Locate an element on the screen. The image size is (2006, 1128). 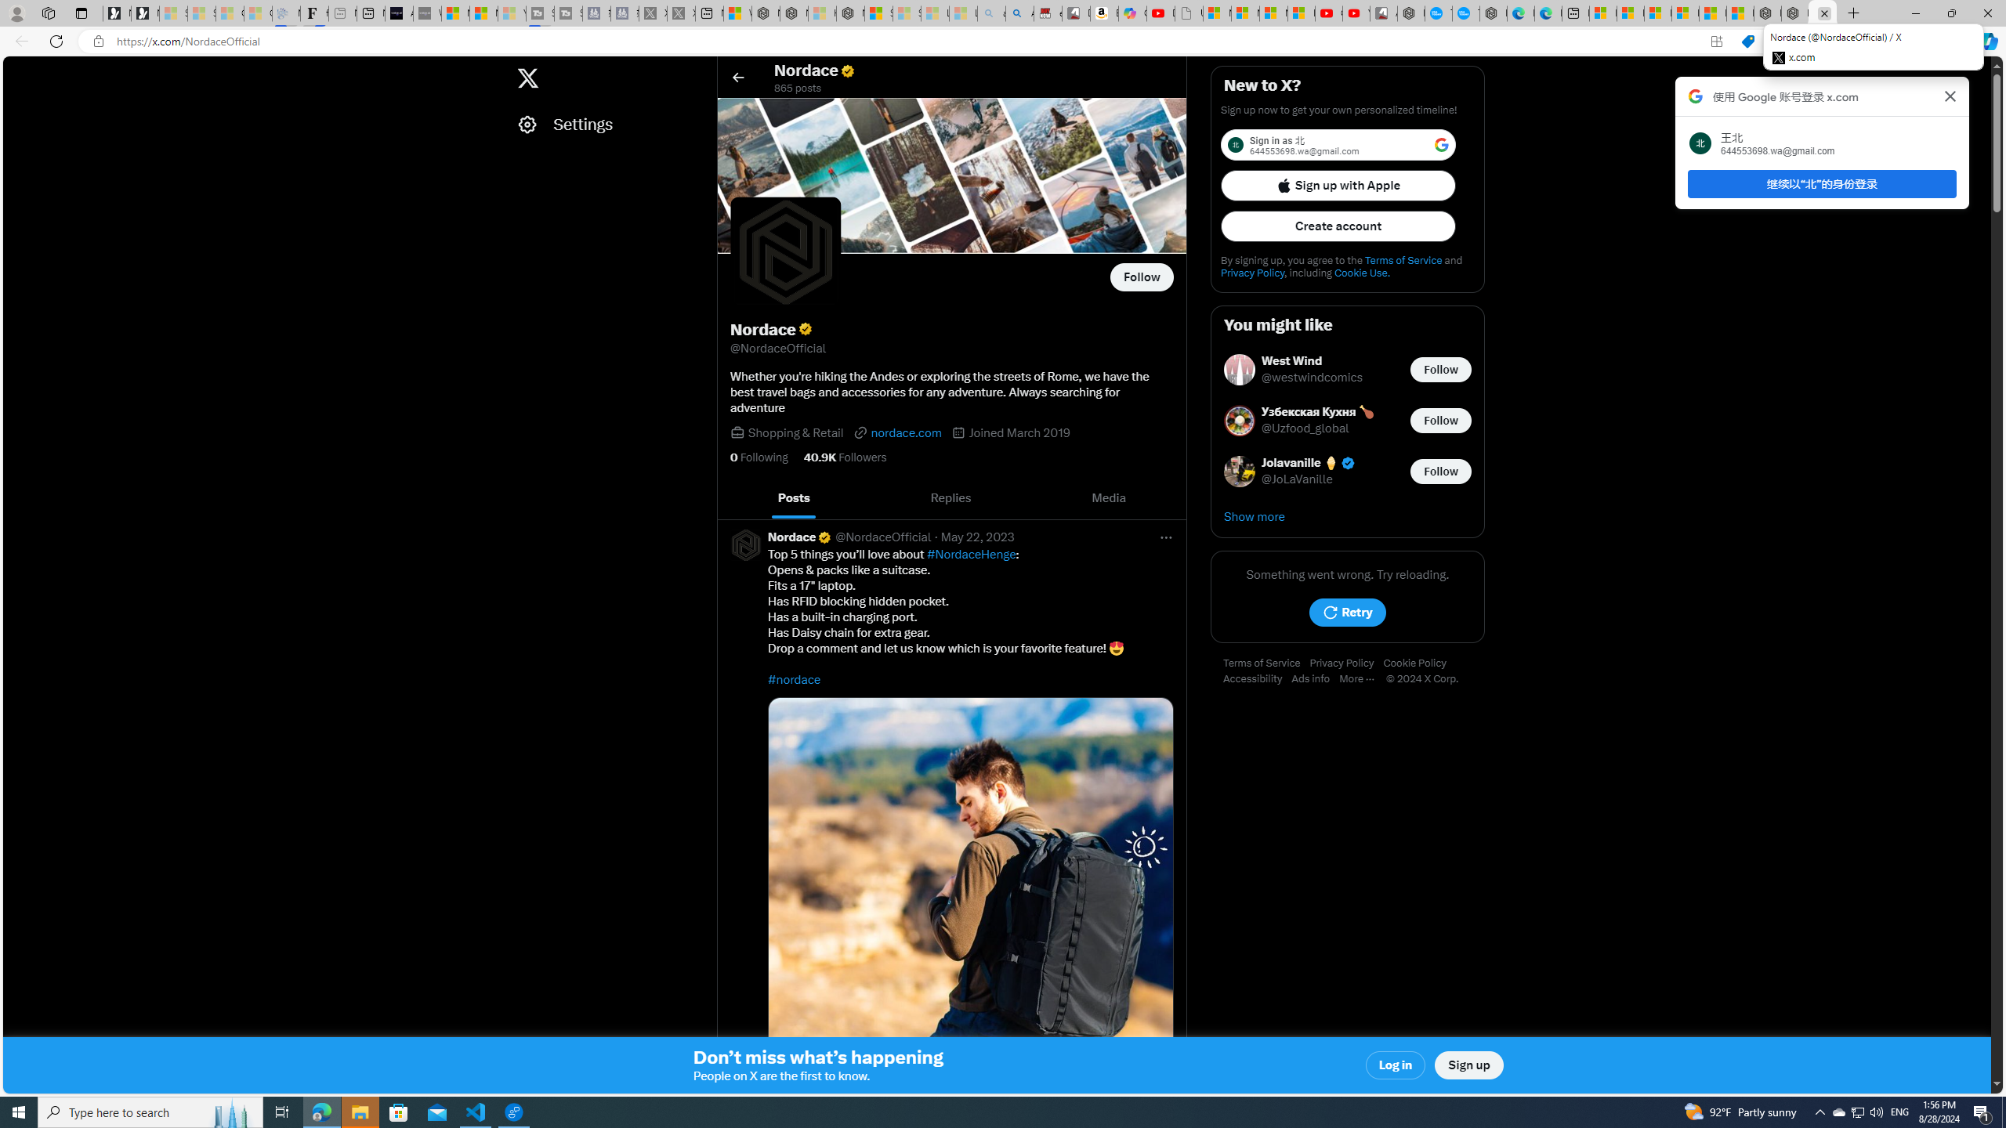
'0 Following' is located at coordinates (758, 456).